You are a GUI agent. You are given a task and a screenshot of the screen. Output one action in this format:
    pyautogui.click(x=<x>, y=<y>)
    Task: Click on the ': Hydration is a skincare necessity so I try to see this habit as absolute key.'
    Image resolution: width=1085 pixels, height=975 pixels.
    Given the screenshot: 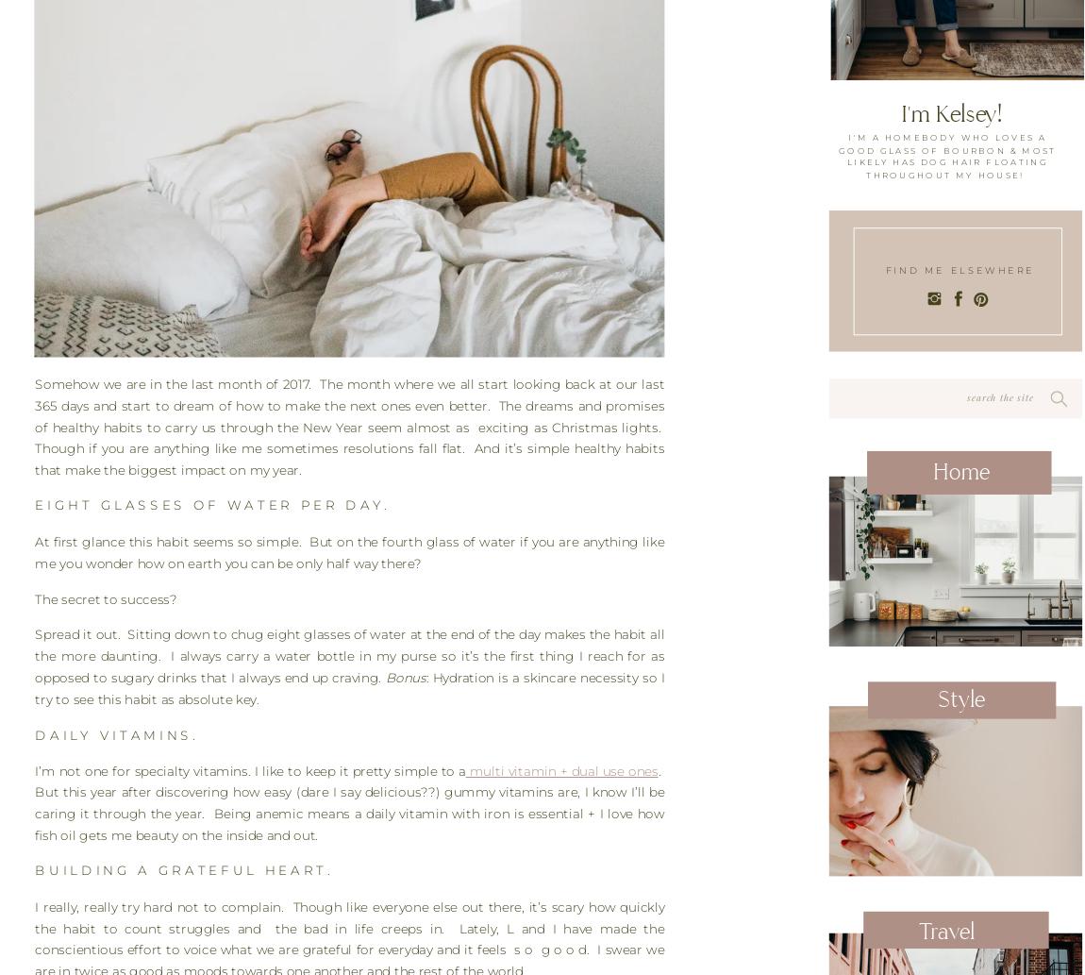 What is the action you would take?
    pyautogui.click(x=349, y=689)
    